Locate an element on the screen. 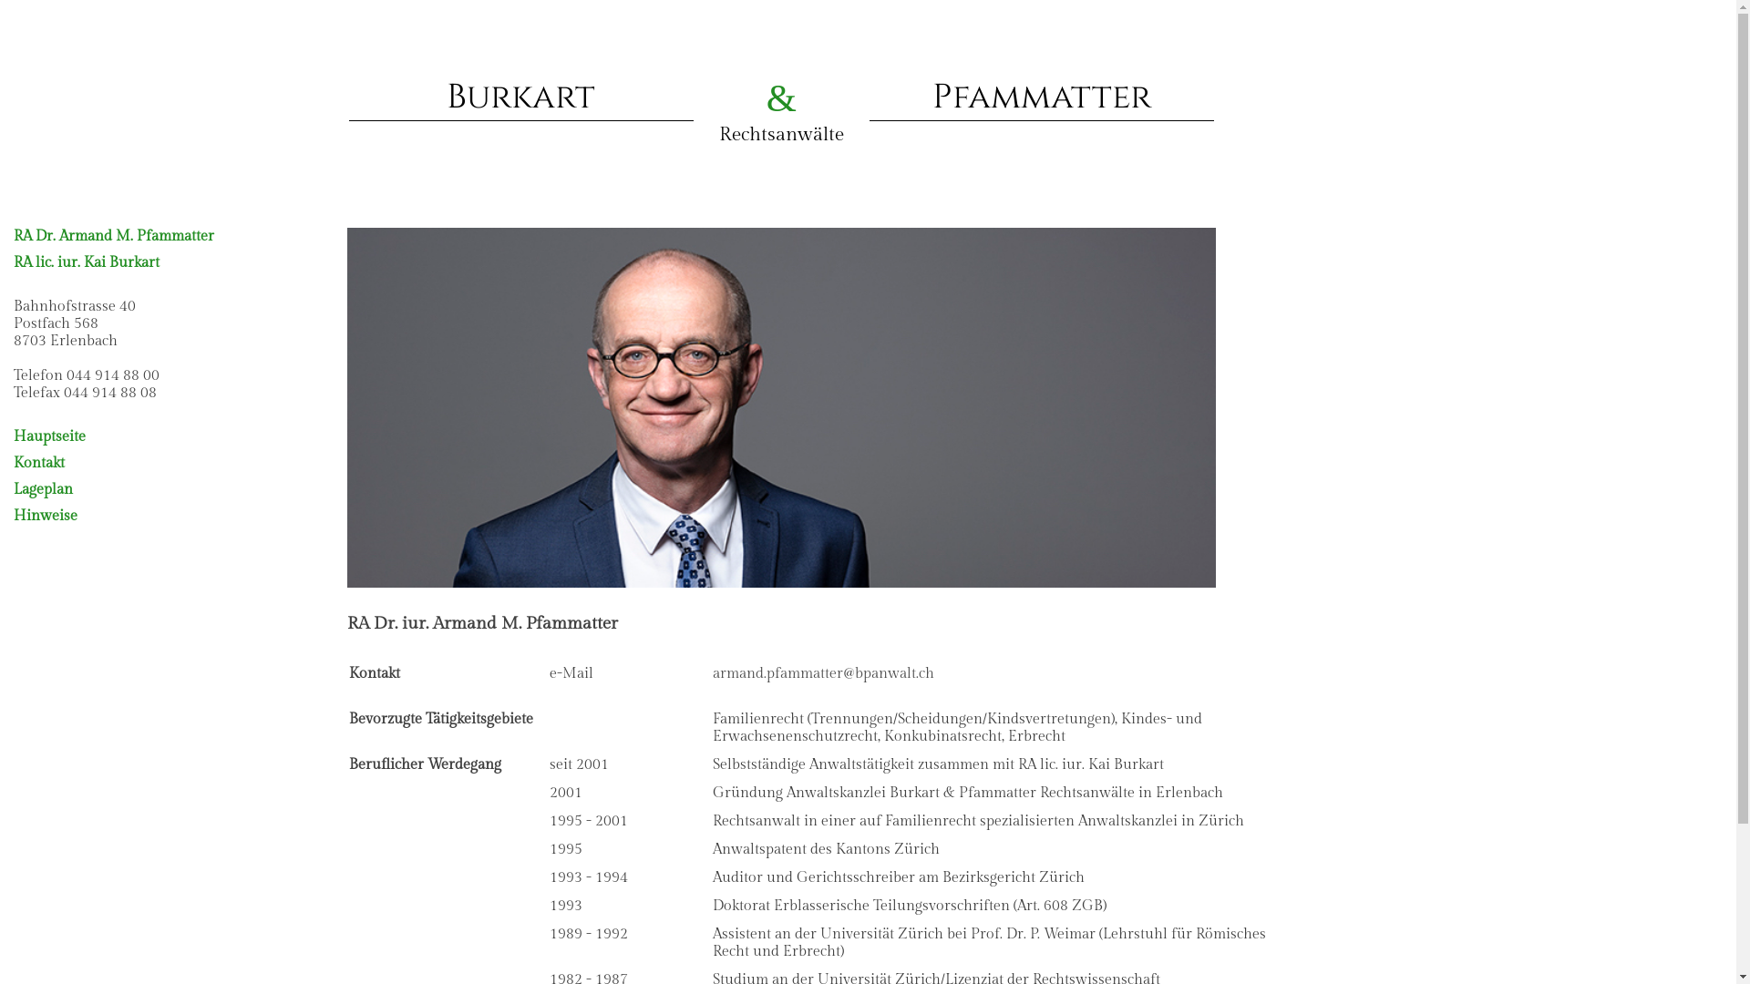 This screenshot has width=1750, height=984. 'armand.pfammatter@bpanwalt.ch' is located at coordinates (822, 673).